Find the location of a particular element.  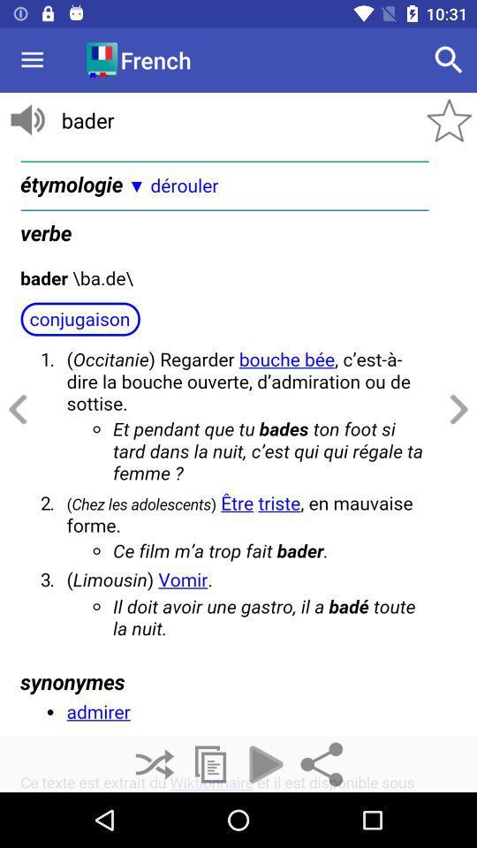

the arrow_forward icon is located at coordinates (456, 410).